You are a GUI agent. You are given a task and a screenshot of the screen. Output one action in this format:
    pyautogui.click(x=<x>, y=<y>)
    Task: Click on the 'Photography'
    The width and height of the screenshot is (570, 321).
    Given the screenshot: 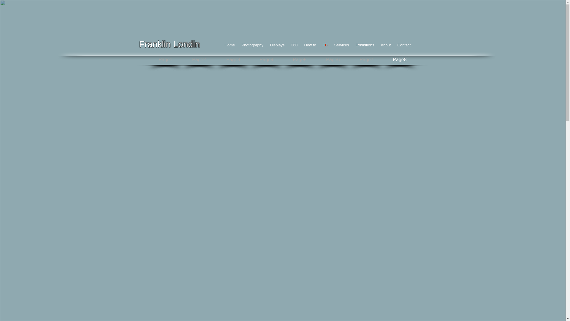 What is the action you would take?
    pyautogui.click(x=252, y=45)
    